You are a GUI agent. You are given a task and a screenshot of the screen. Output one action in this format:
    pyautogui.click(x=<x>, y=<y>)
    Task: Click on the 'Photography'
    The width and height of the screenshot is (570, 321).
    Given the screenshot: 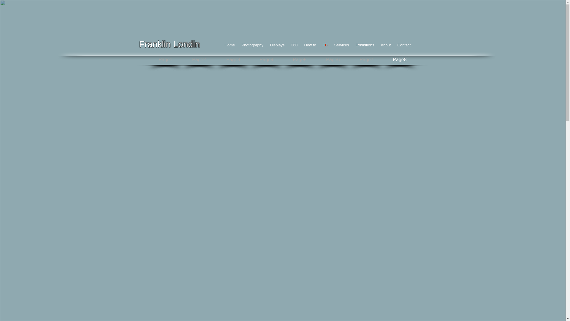 What is the action you would take?
    pyautogui.click(x=252, y=45)
    